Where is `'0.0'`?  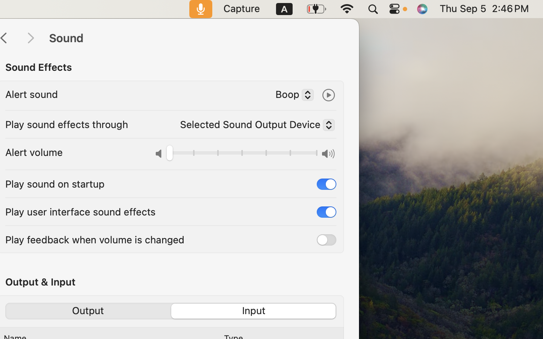
'0.0' is located at coordinates (241, 154).